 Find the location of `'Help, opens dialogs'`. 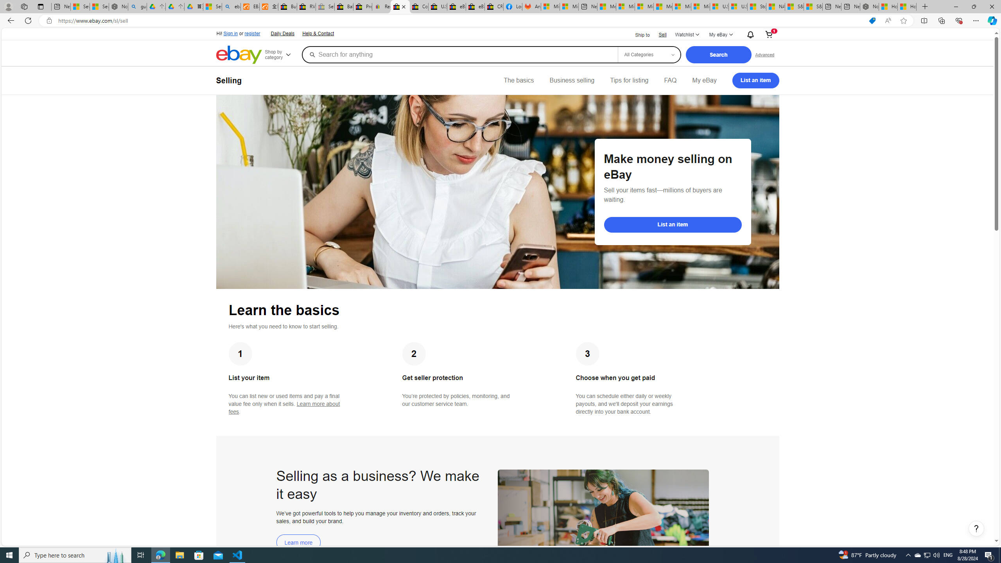

'Help, opens dialogs' is located at coordinates (976, 528).